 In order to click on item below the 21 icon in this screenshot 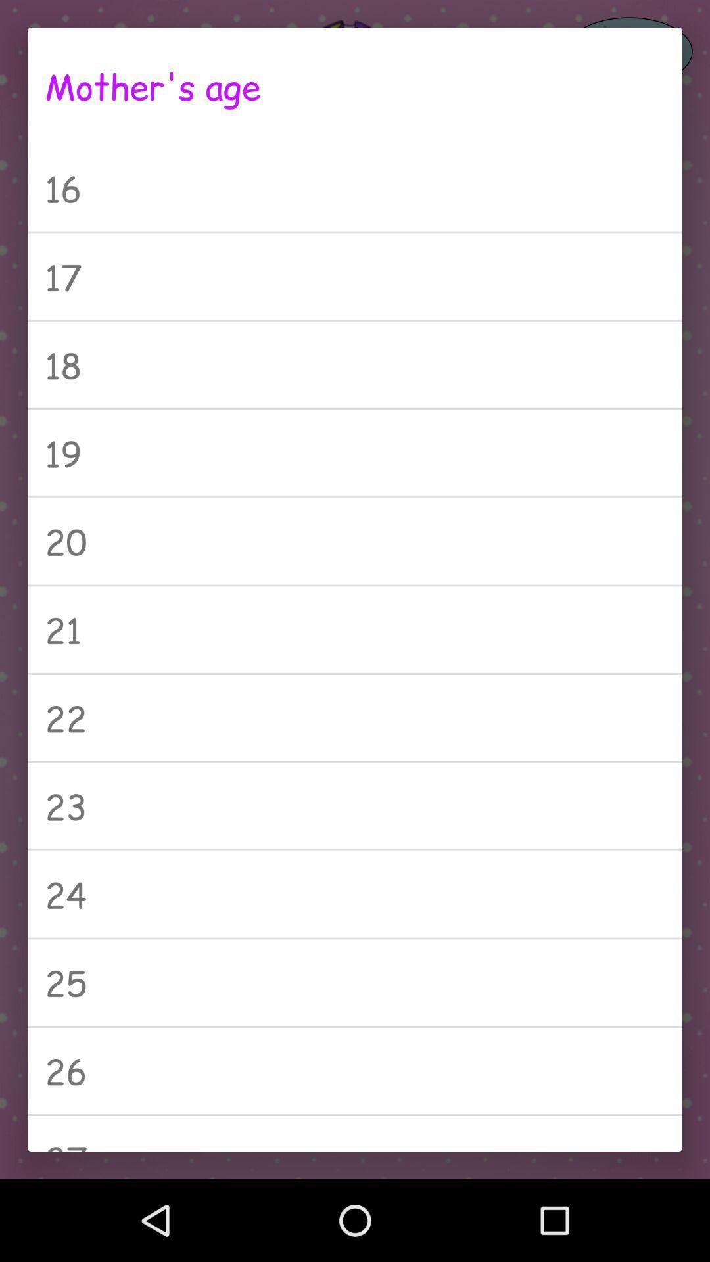, I will do `click(355, 717)`.